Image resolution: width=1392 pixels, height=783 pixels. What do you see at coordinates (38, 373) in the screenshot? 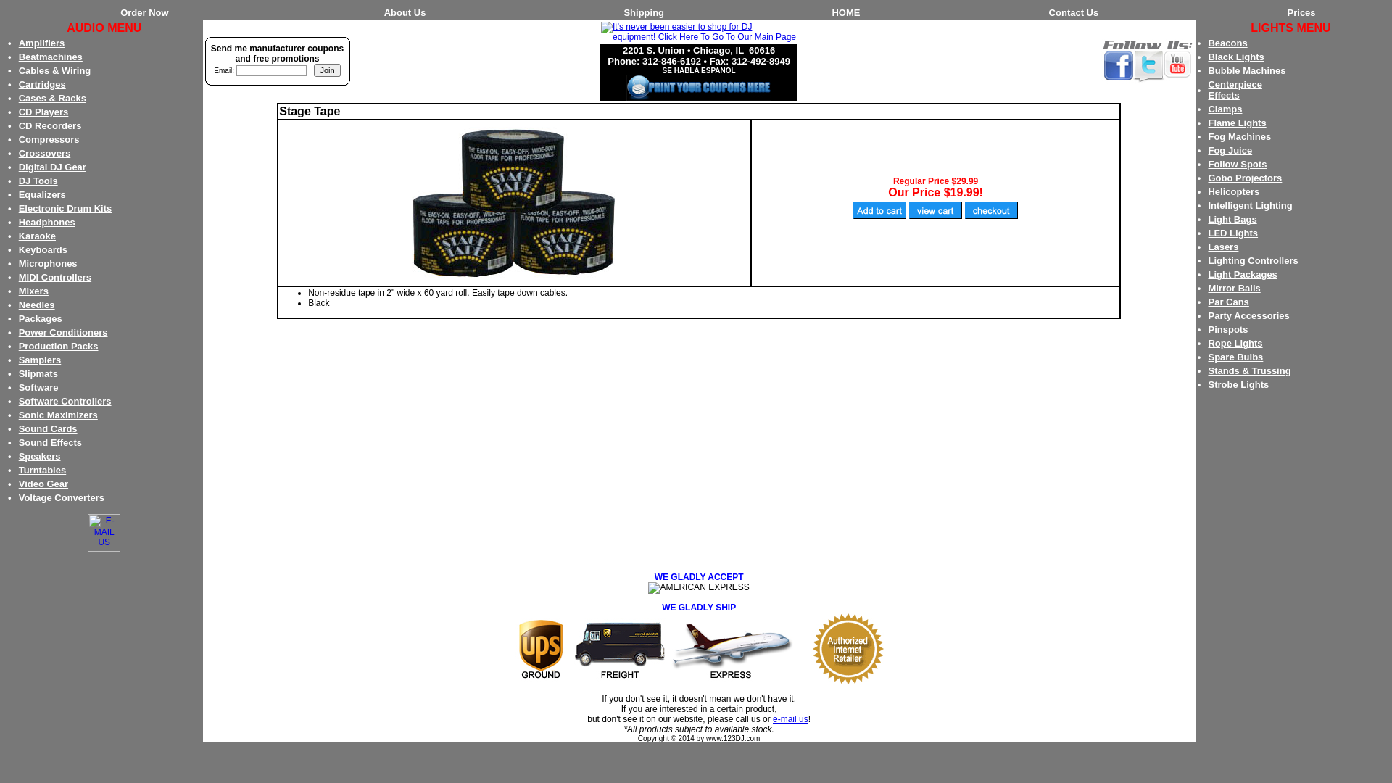
I see `'Slipmats'` at bounding box center [38, 373].